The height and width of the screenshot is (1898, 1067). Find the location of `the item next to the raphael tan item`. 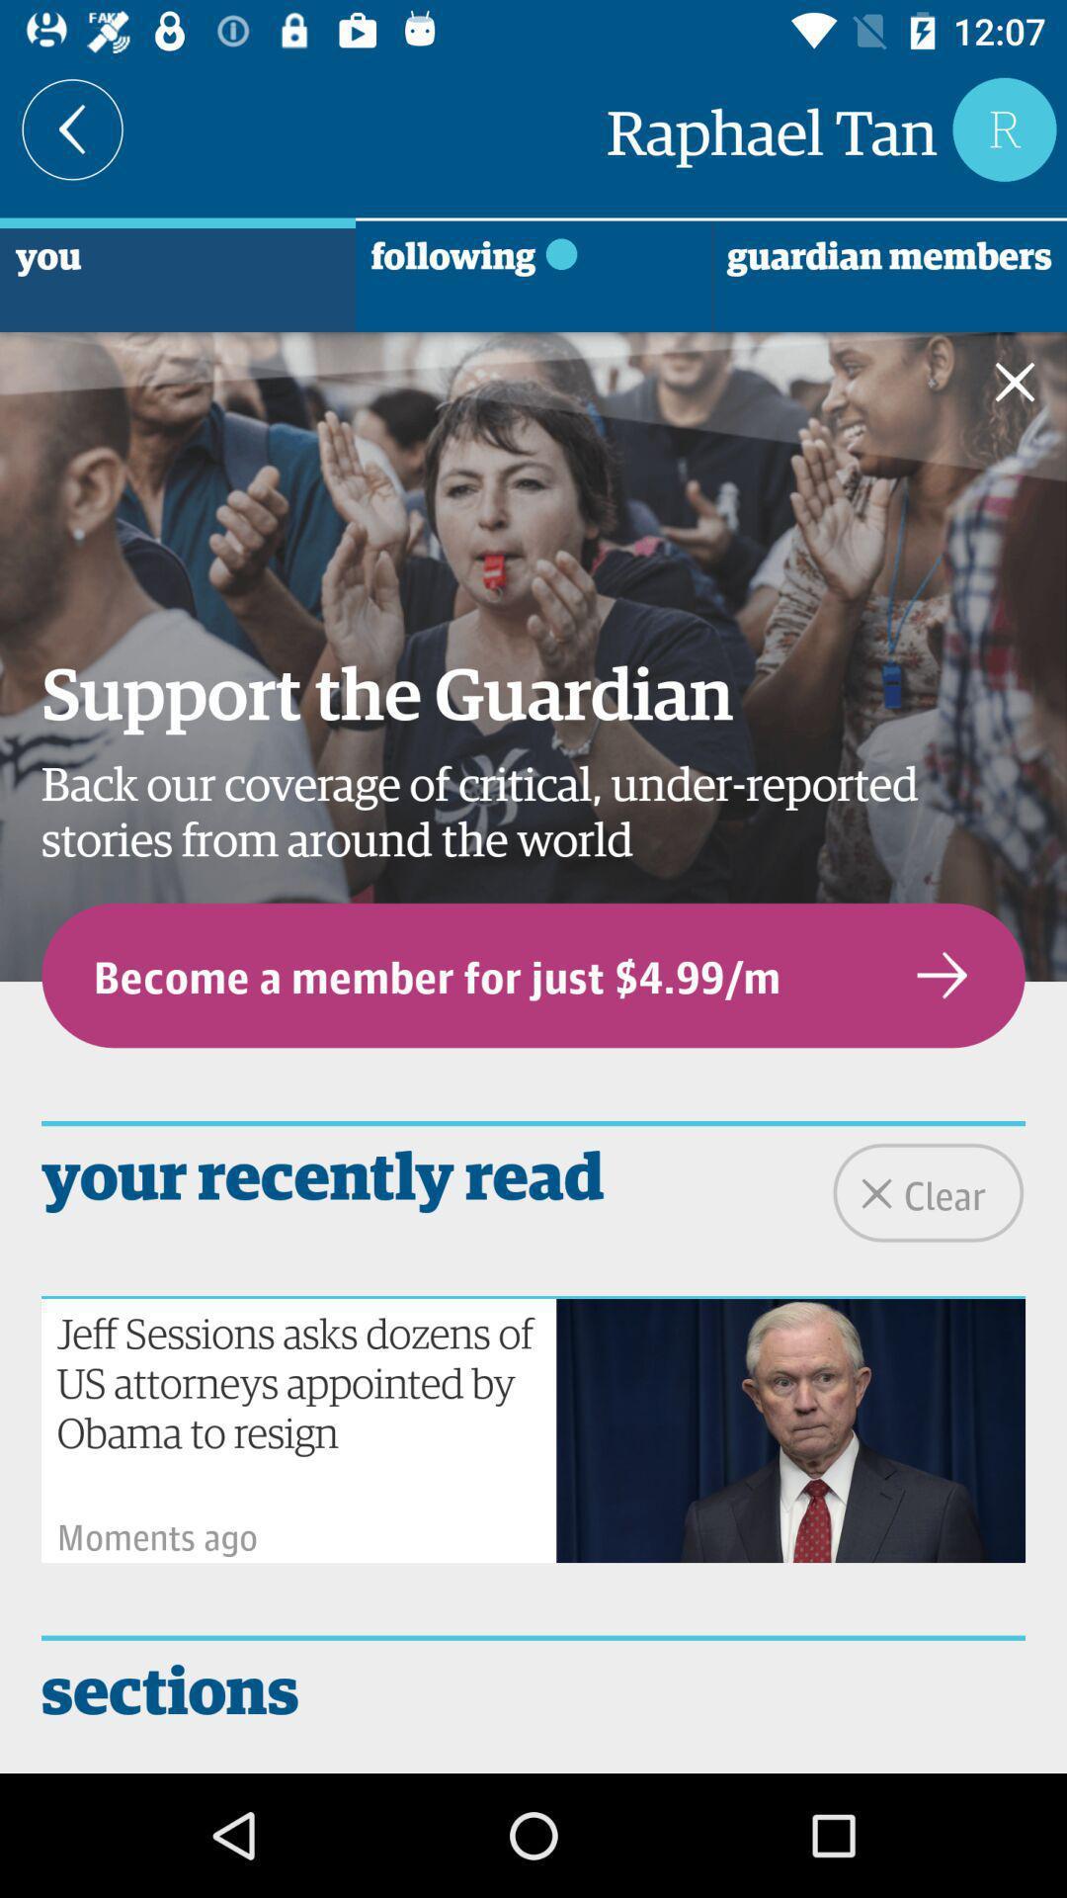

the item next to the raphael tan item is located at coordinates (71, 129).